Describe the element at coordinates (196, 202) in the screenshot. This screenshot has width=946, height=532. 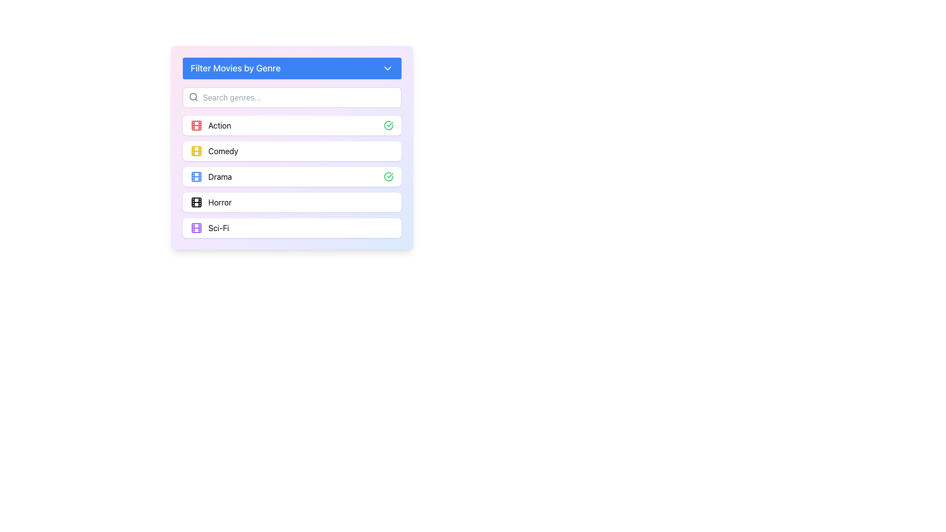
I see `the graphical element of the movie reel icon in the 'Horror' genre row` at that location.